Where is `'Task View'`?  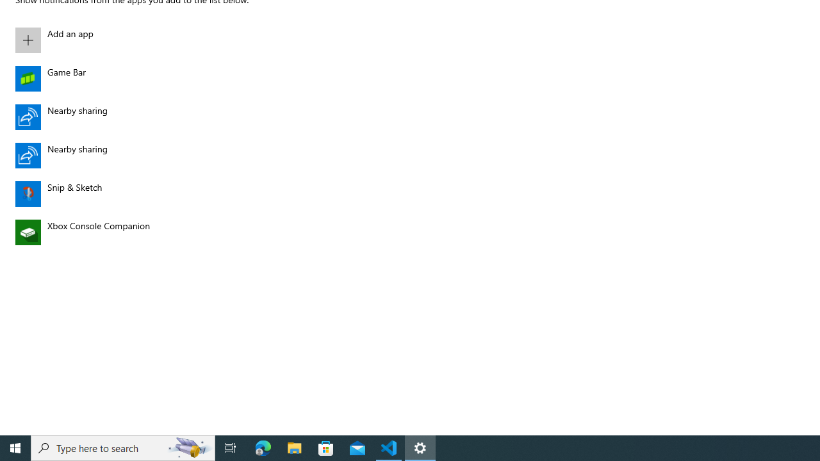 'Task View' is located at coordinates (230, 447).